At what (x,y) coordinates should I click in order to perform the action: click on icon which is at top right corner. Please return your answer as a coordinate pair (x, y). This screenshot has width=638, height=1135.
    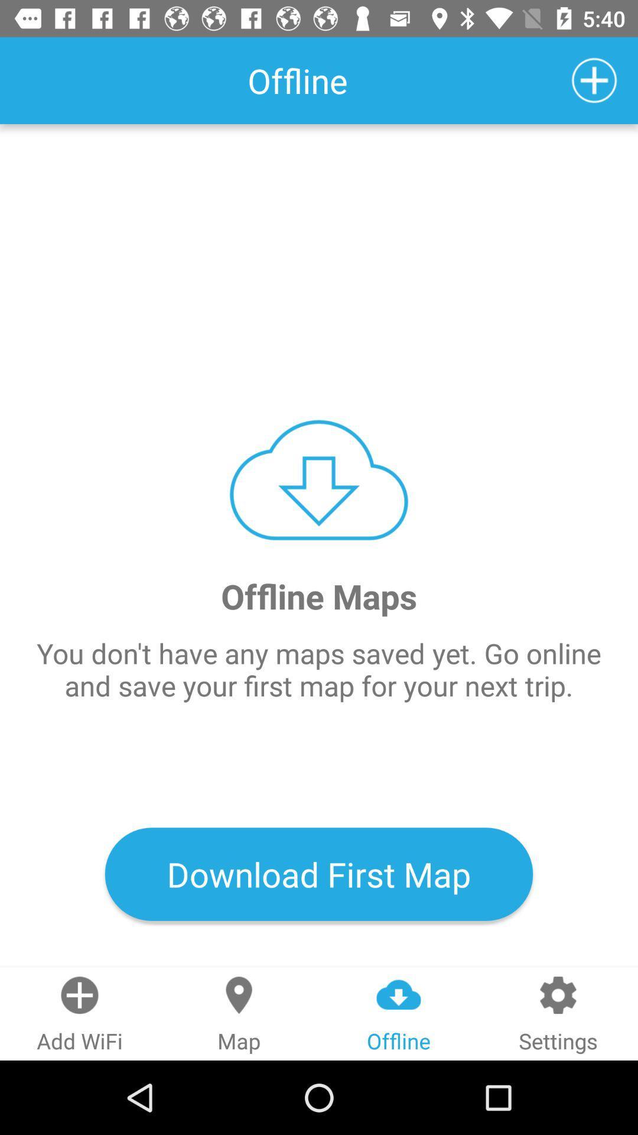
    Looking at the image, I should click on (594, 80).